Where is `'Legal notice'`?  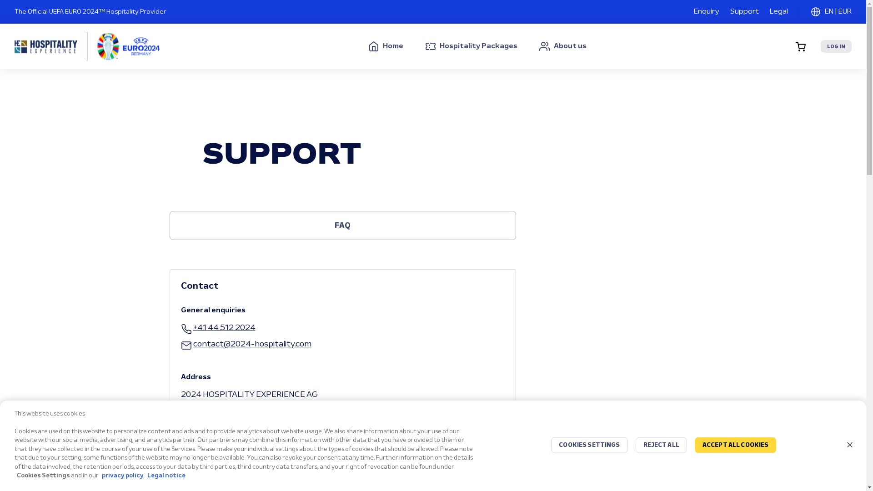 'Legal notice' is located at coordinates (147, 475).